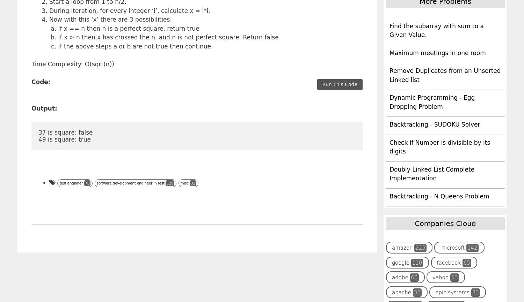 Image resolution: width=524 pixels, height=302 pixels. Describe the element at coordinates (412, 80) in the screenshot. I see `'sliding window'` at that location.